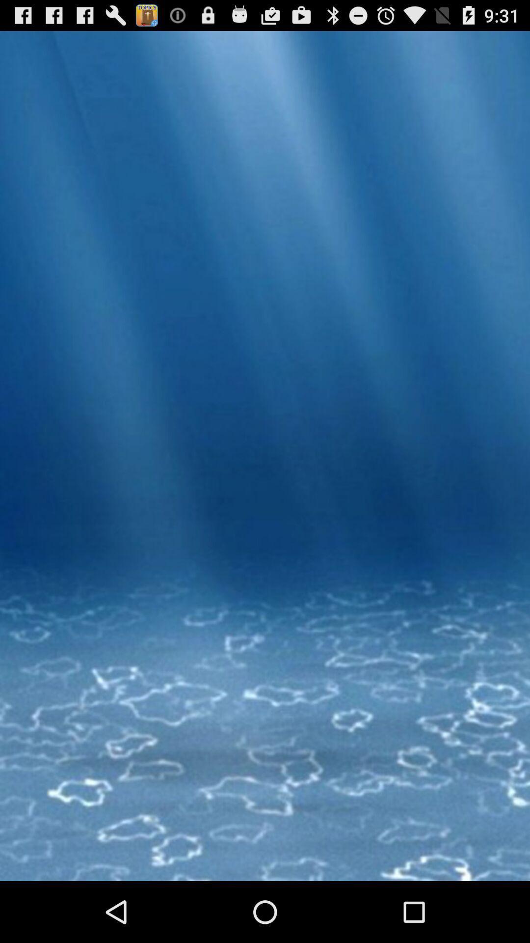  What do you see at coordinates (265, 495) in the screenshot?
I see `wallpaper mobile` at bounding box center [265, 495].